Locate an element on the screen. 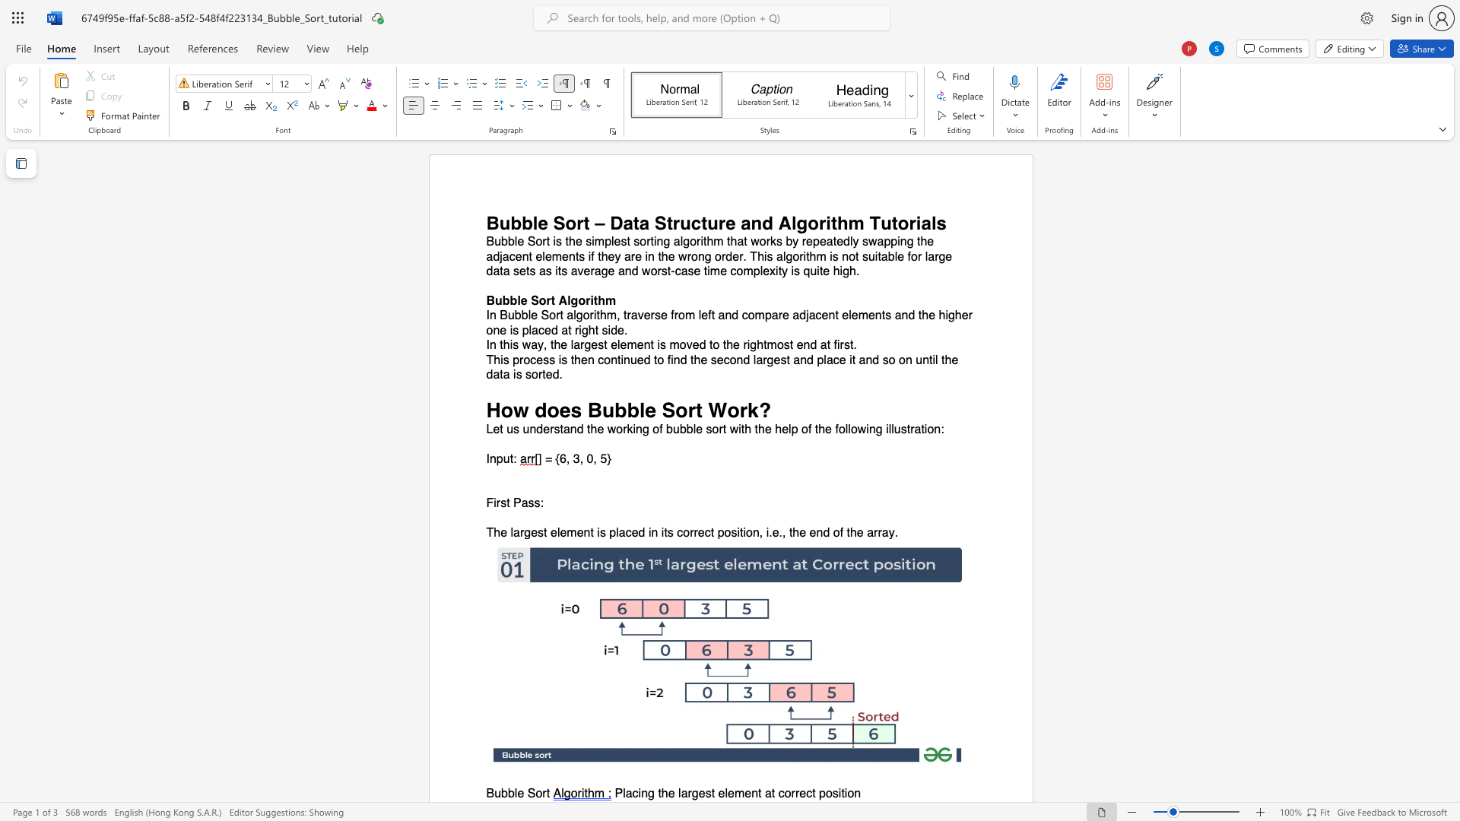  the space between the continuous character "r" and "t" in the text is located at coordinates (546, 793).